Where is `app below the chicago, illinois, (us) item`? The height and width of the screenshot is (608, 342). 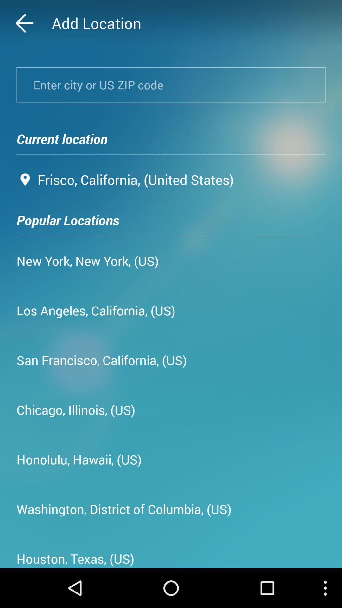
app below the chicago, illinois, (us) item is located at coordinates (79, 459).